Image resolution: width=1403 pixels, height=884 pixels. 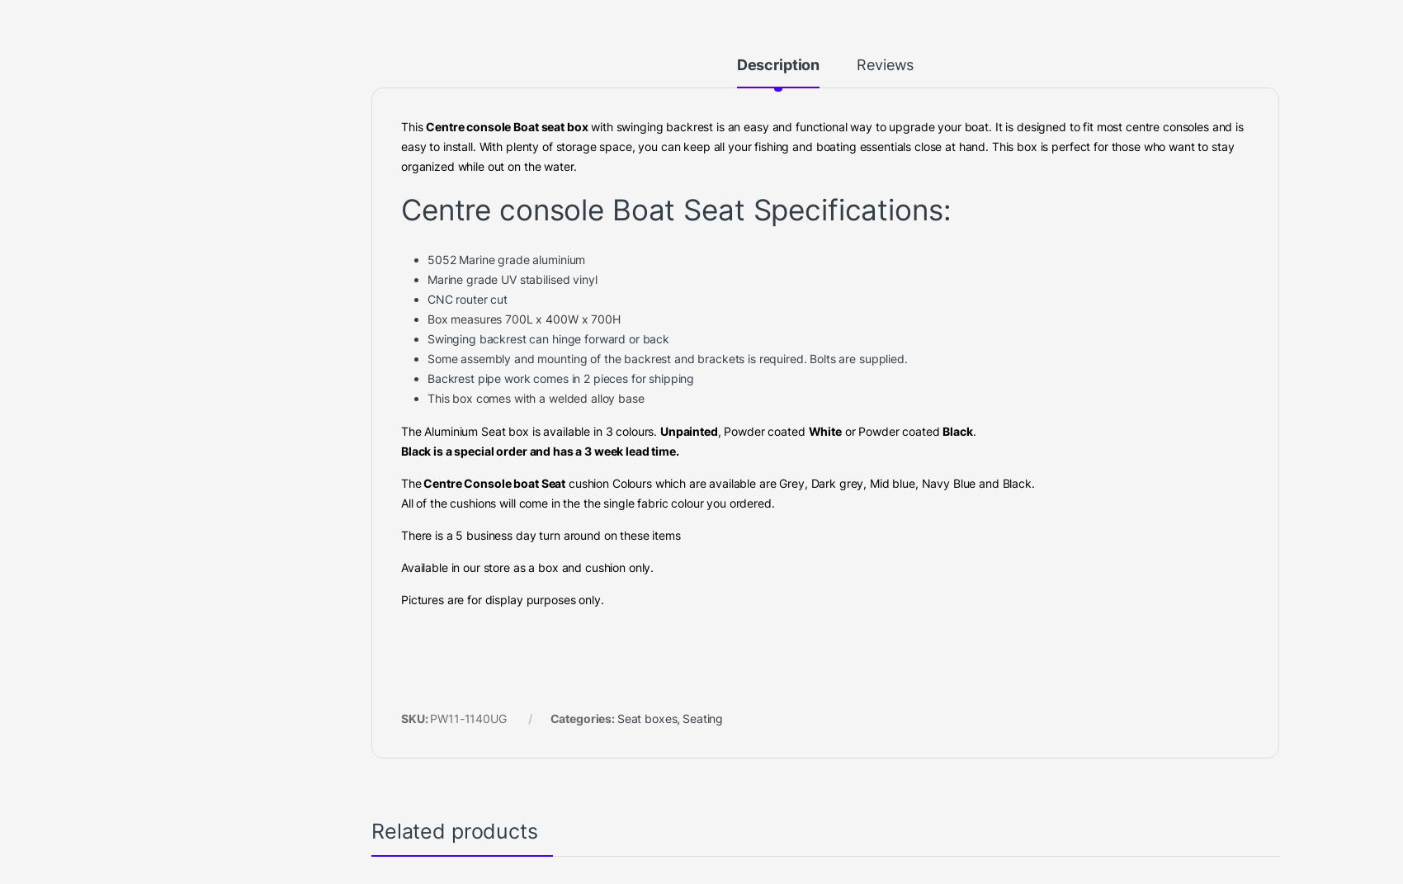 What do you see at coordinates (631, 19) in the screenshot?
I see `'Consoles'` at bounding box center [631, 19].